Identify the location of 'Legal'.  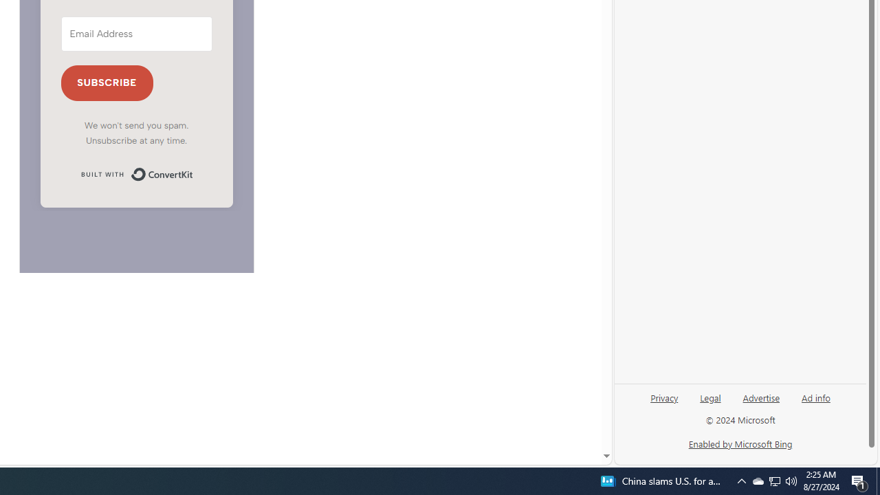
(710, 397).